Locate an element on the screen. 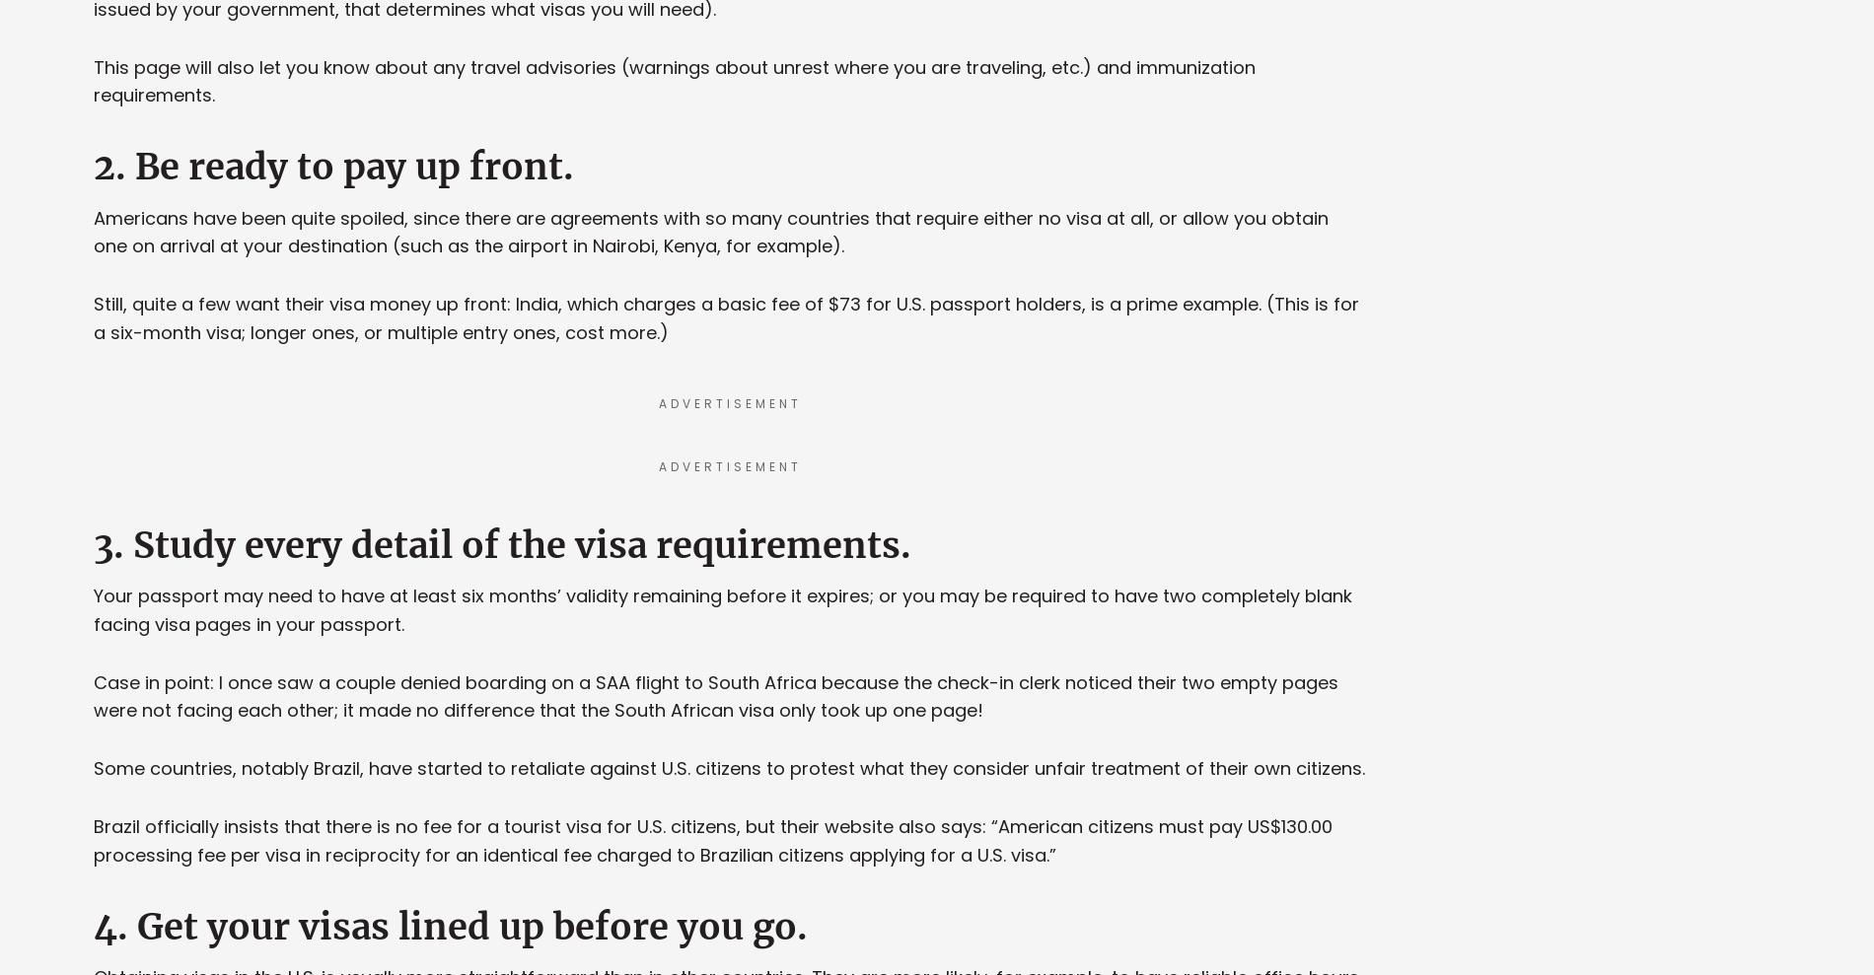 This screenshot has height=975, width=1874. '2. Be ready to pay up front.' is located at coordinates (332, 167).